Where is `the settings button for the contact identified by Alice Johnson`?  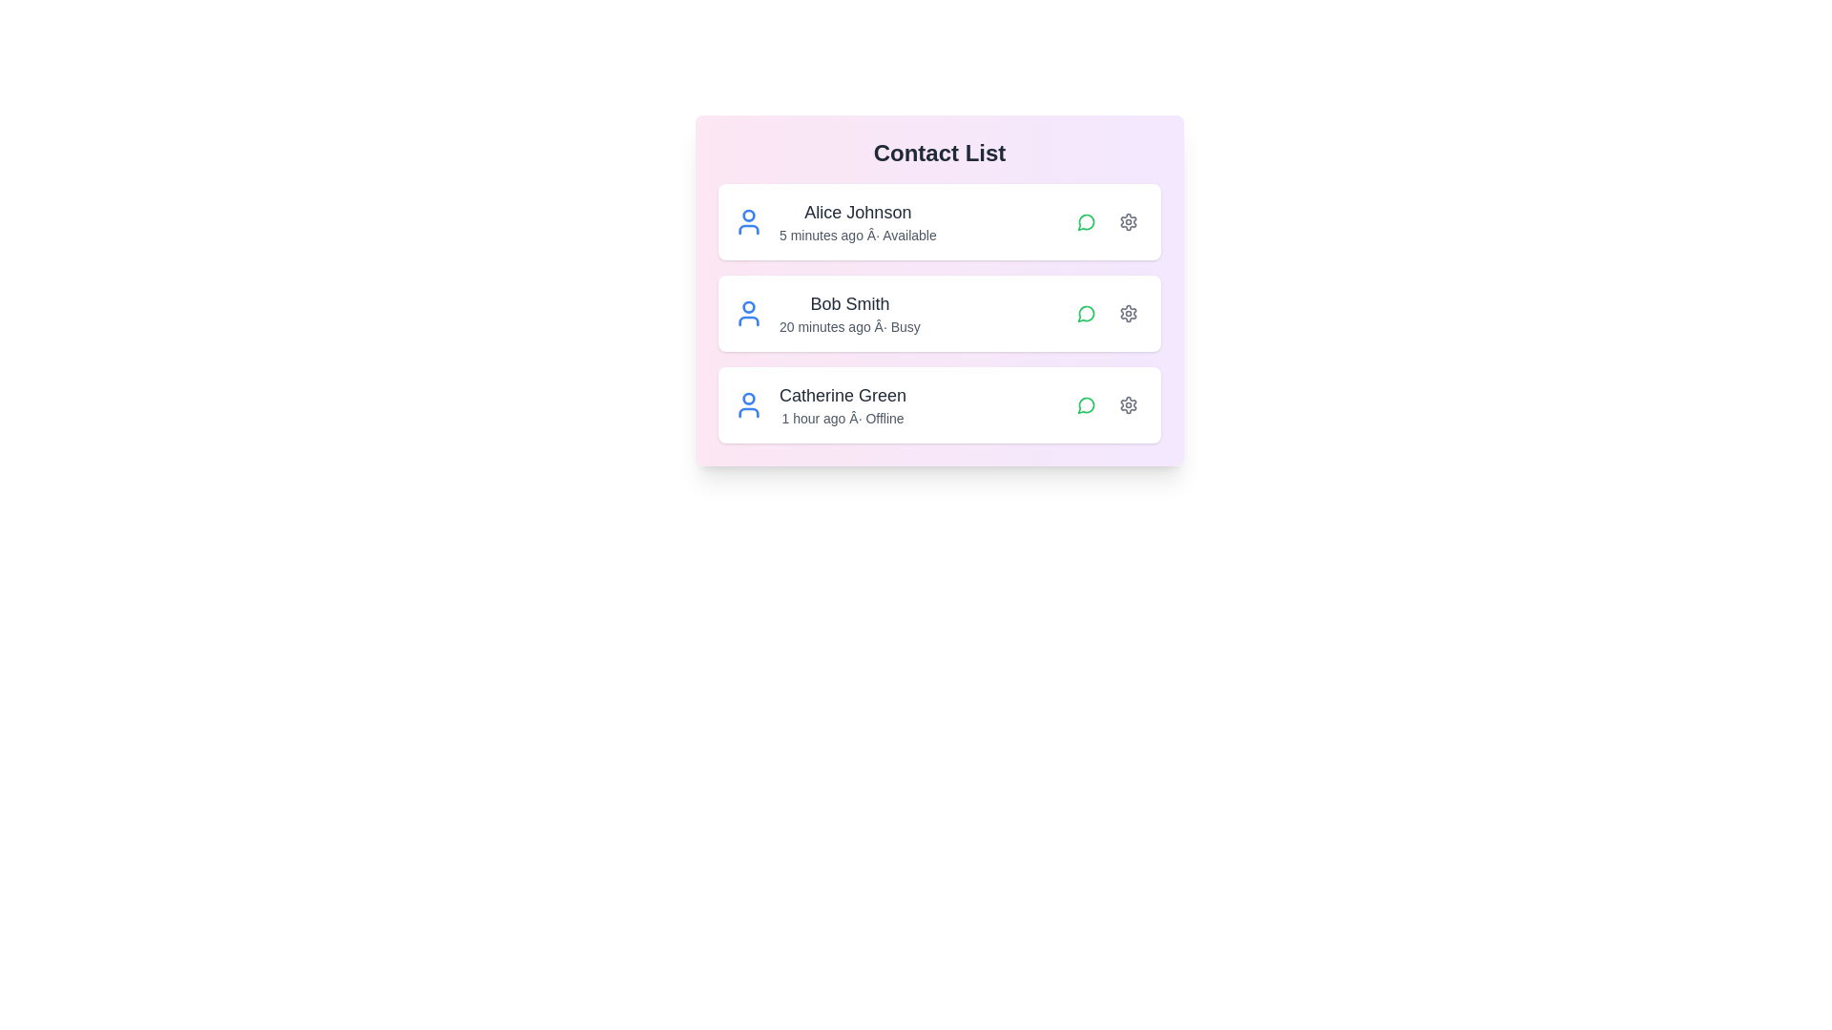 the settings button for the contact identified by Alice Johnson is located at coordinates (1128, 220).